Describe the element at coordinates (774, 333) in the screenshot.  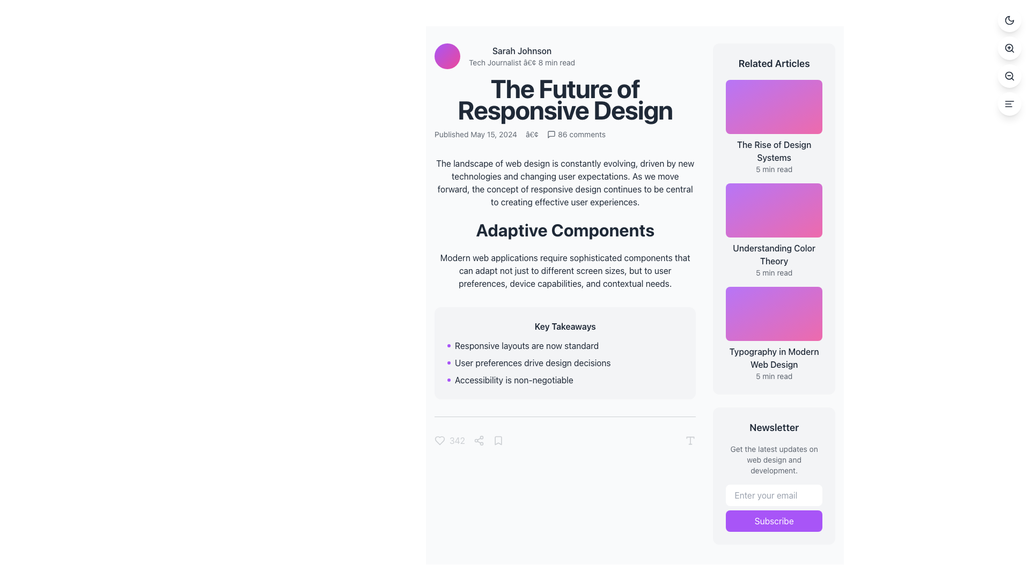
I see `the interactive card labeled 'Typography in Modern Web Design', which is the third card in a vertical list of articles on the right-hand side of the interface` at that location.